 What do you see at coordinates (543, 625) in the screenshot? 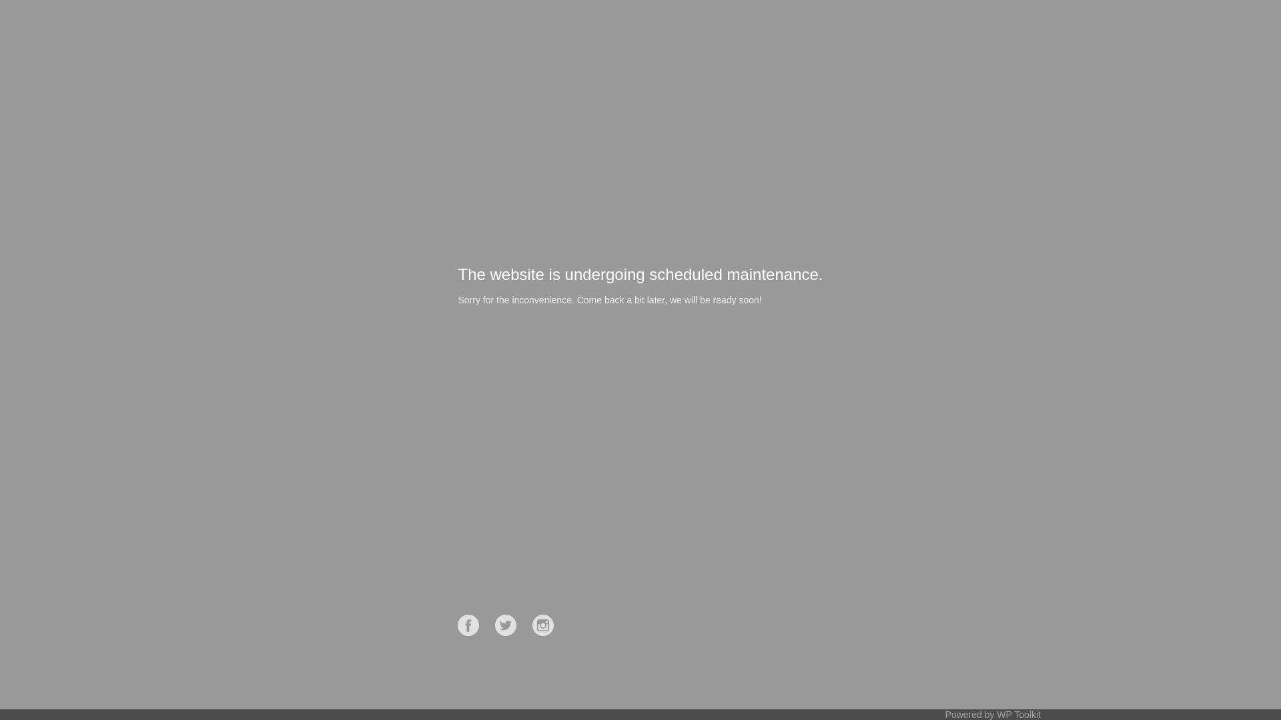
I see `'Instagram'` at bounding box center [543, 625].